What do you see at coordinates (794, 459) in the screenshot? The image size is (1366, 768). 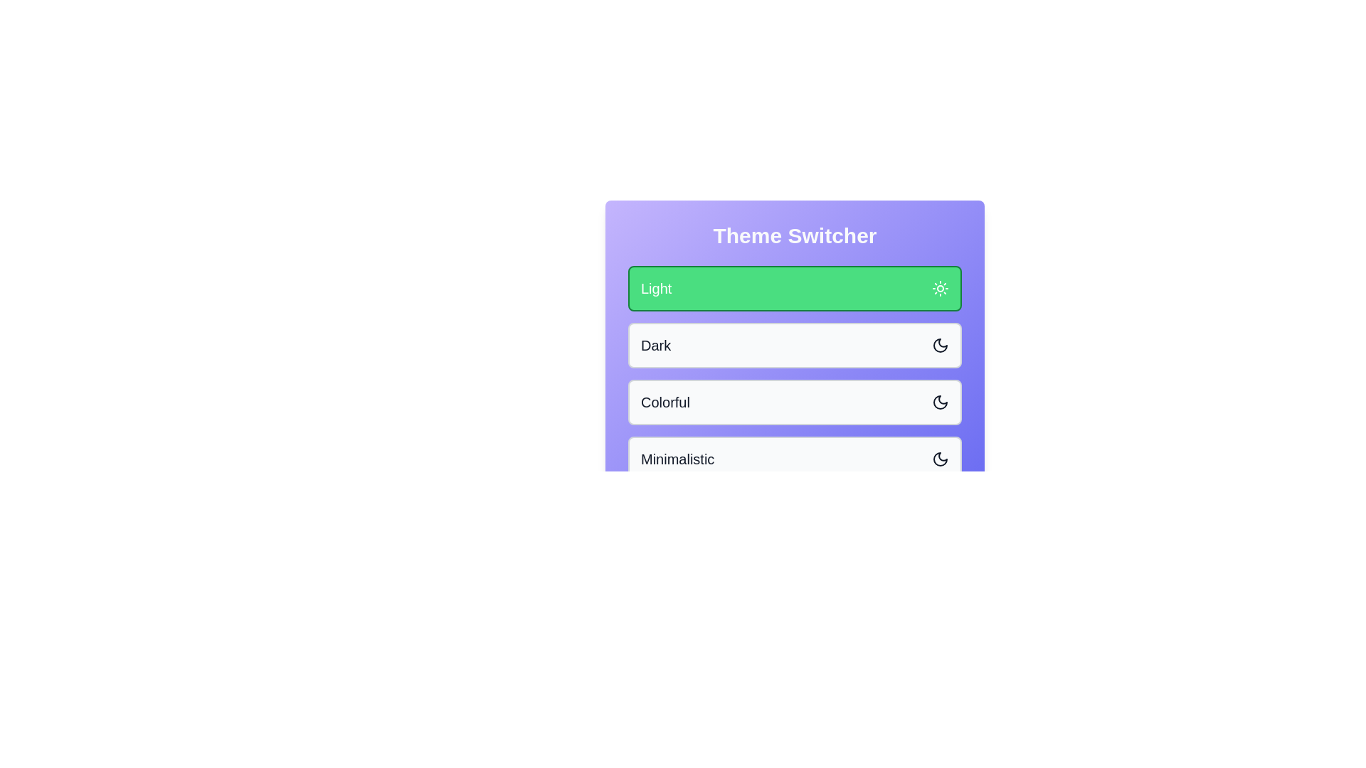 I see `the theme button for Minimalistic` at bounding box center [794, 459].